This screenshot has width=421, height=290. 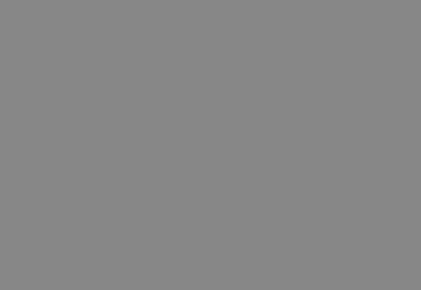 I want to click on 'Certificates', so click(x=56, y=172).